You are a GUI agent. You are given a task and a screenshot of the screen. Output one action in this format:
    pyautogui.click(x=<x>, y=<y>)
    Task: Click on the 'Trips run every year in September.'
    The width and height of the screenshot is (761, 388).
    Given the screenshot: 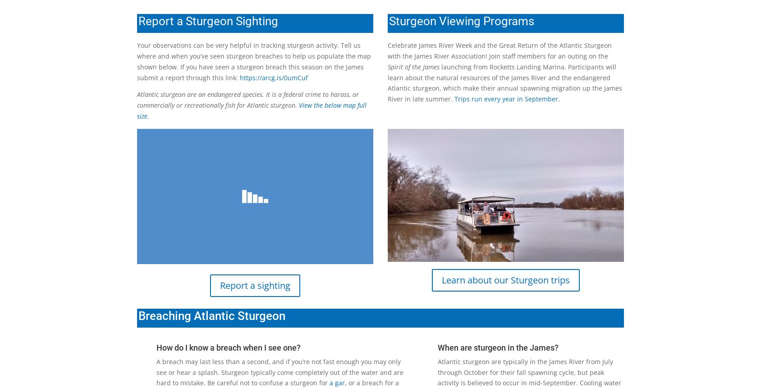 What is the action you would take?
    pyautogui.click(x=507, y=98)
    